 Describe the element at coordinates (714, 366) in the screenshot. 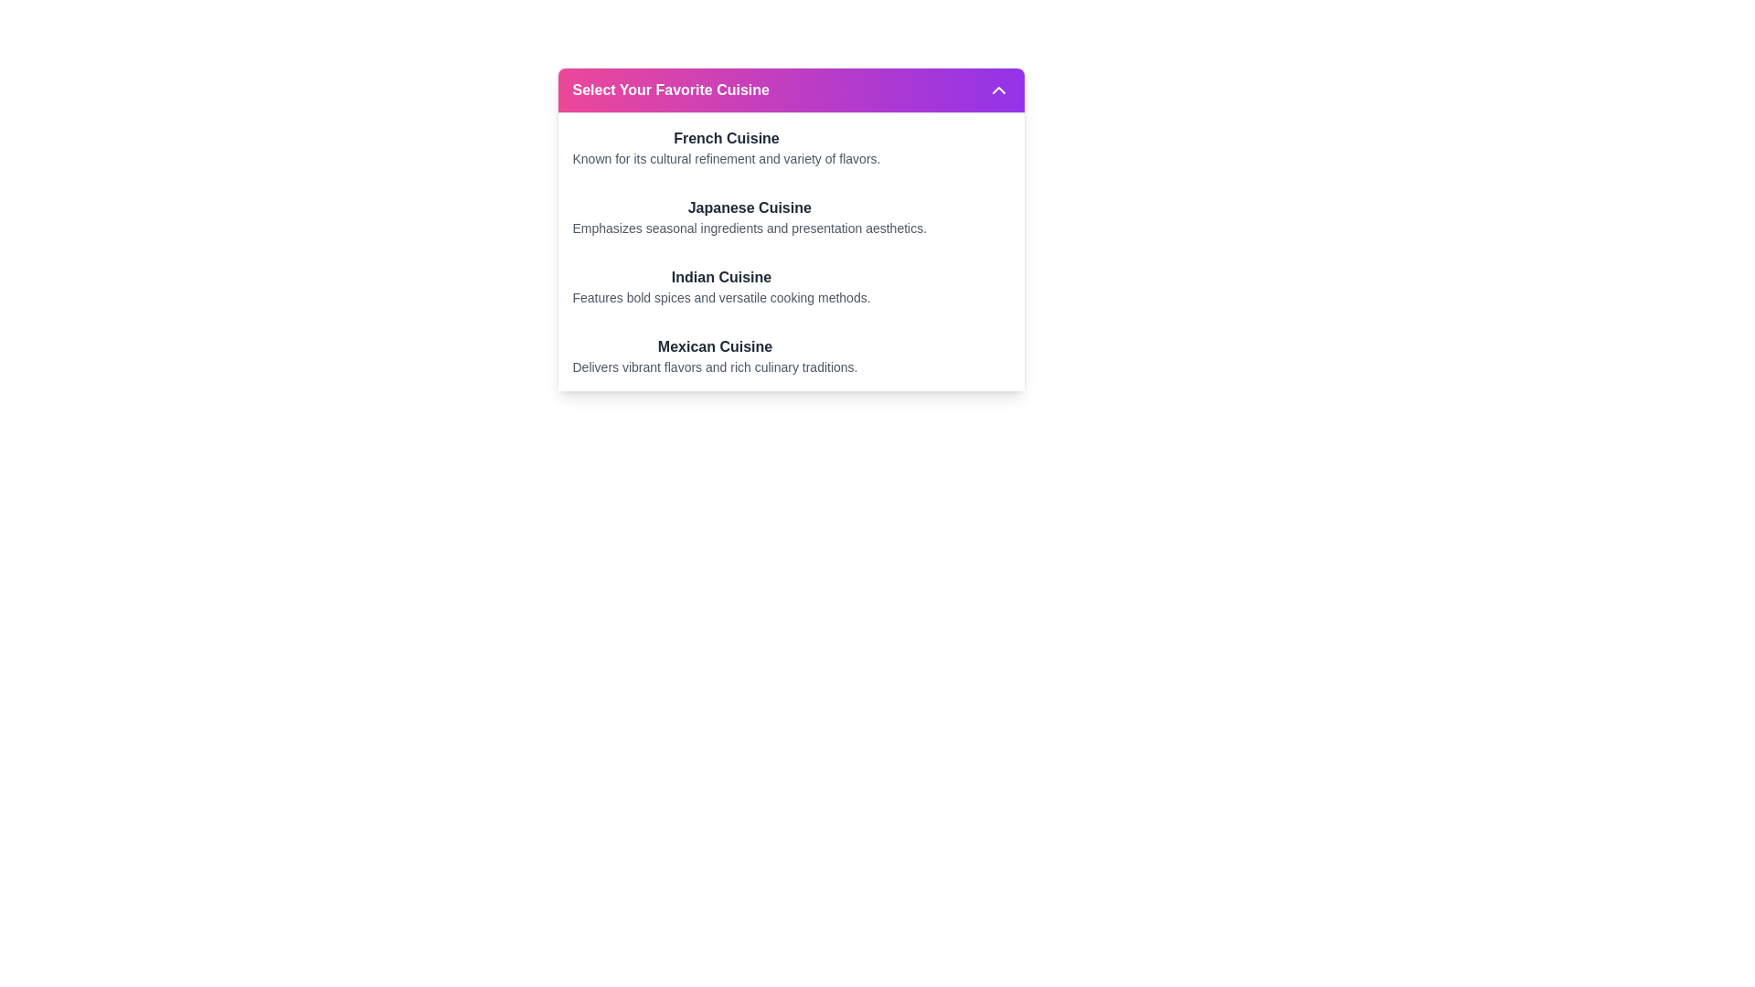

I see `text label displaying 'Delivers vibrant flavors and rich culinary traditions.' located beneath the 'Mexican Cuisine' heading in the dropdown menu 'Select Your Favorite Cuisine'` at that location.